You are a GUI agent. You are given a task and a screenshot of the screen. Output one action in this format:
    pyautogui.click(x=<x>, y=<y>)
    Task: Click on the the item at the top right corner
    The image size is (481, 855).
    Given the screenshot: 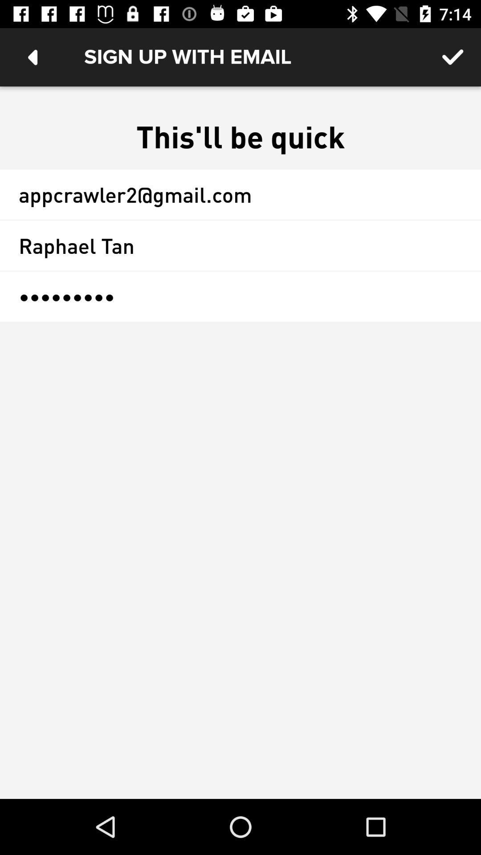 What is the action you would take?
    pyautogui.click(x=453, y=57)
    